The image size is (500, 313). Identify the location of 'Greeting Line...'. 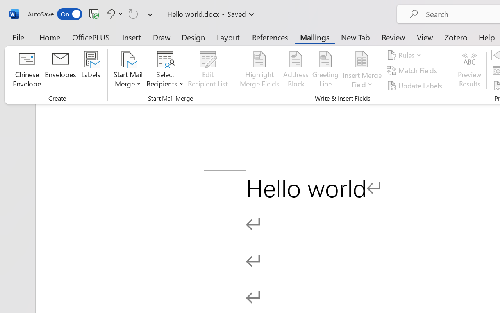
(325, 70).